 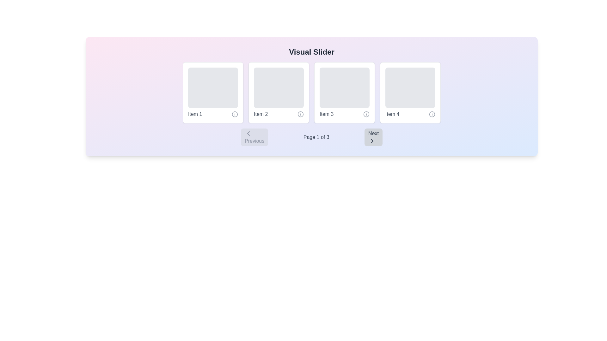 What do you see at coordinates (279, 87) in the screenshot?
I see `the visual placeholder at the upper part of the box labeled 'Item 2' in the horizontally aligned slider` at bounding box center [279, 87].